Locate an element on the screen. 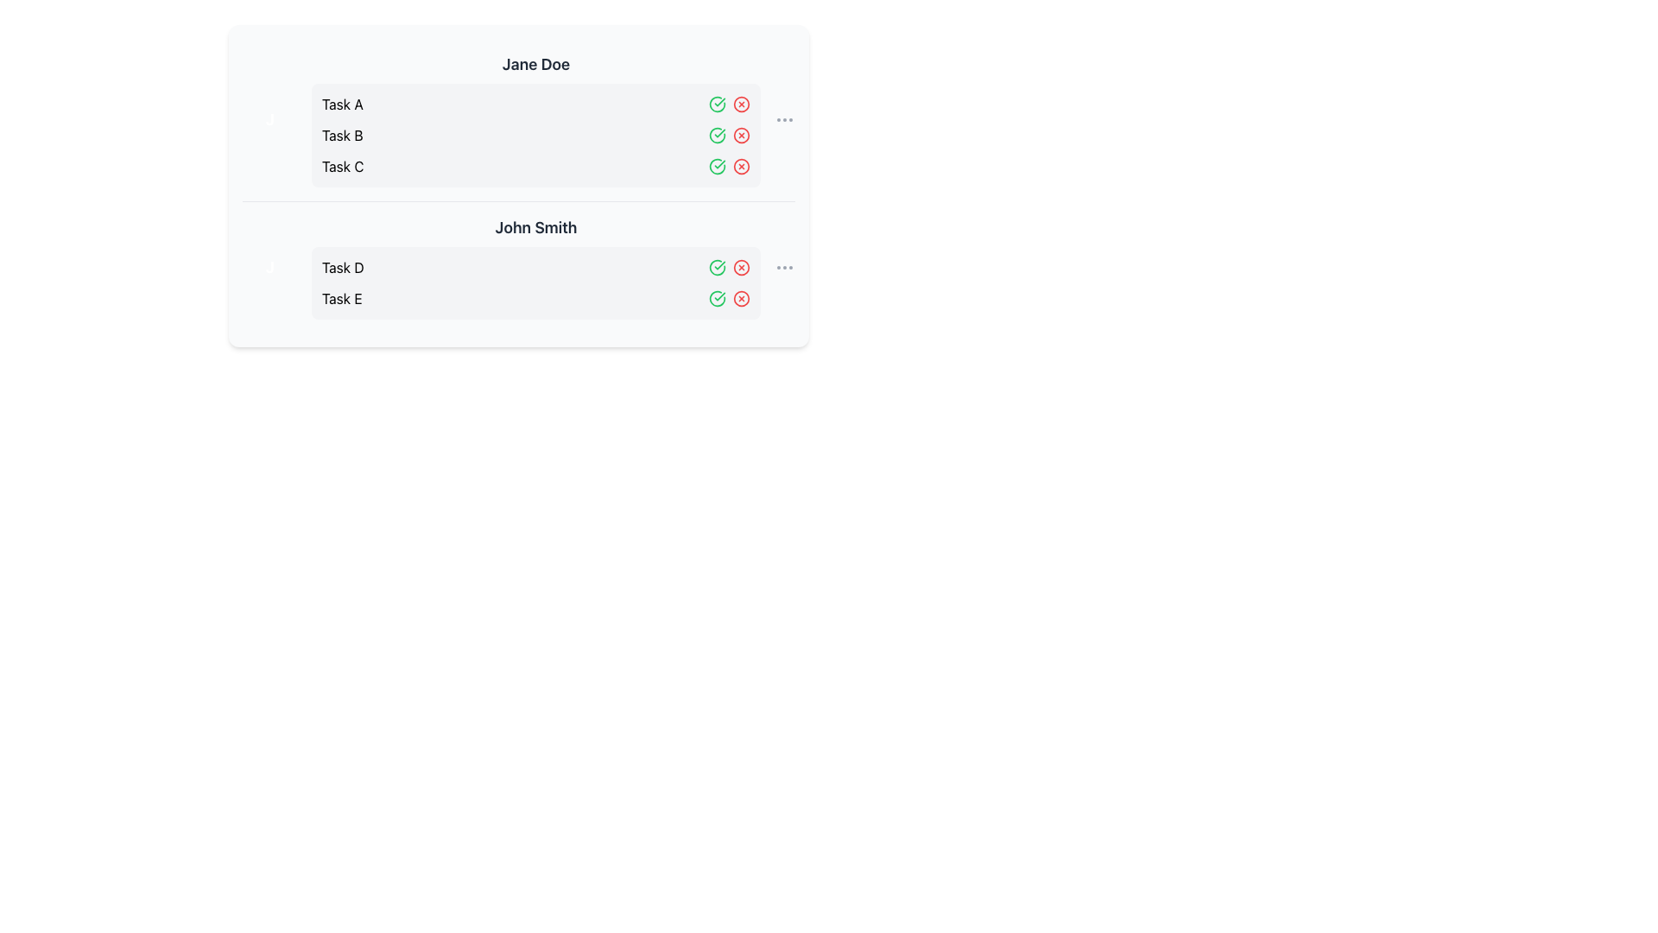 This screenshot has width=1658, height=933. the positive status indicator icon located to the right of 'Task A' for user 'Jane Doe' is located at coordinates (717, 166).